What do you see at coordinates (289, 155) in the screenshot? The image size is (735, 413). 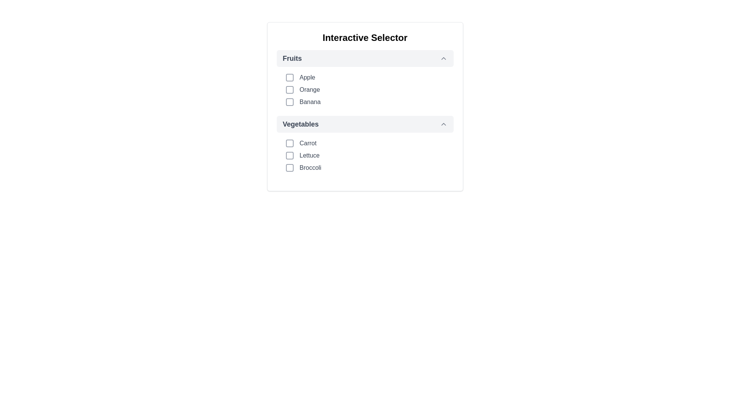 I see `the second checkbox in the 'Vegetables' category` at bounding box center [289, 155].